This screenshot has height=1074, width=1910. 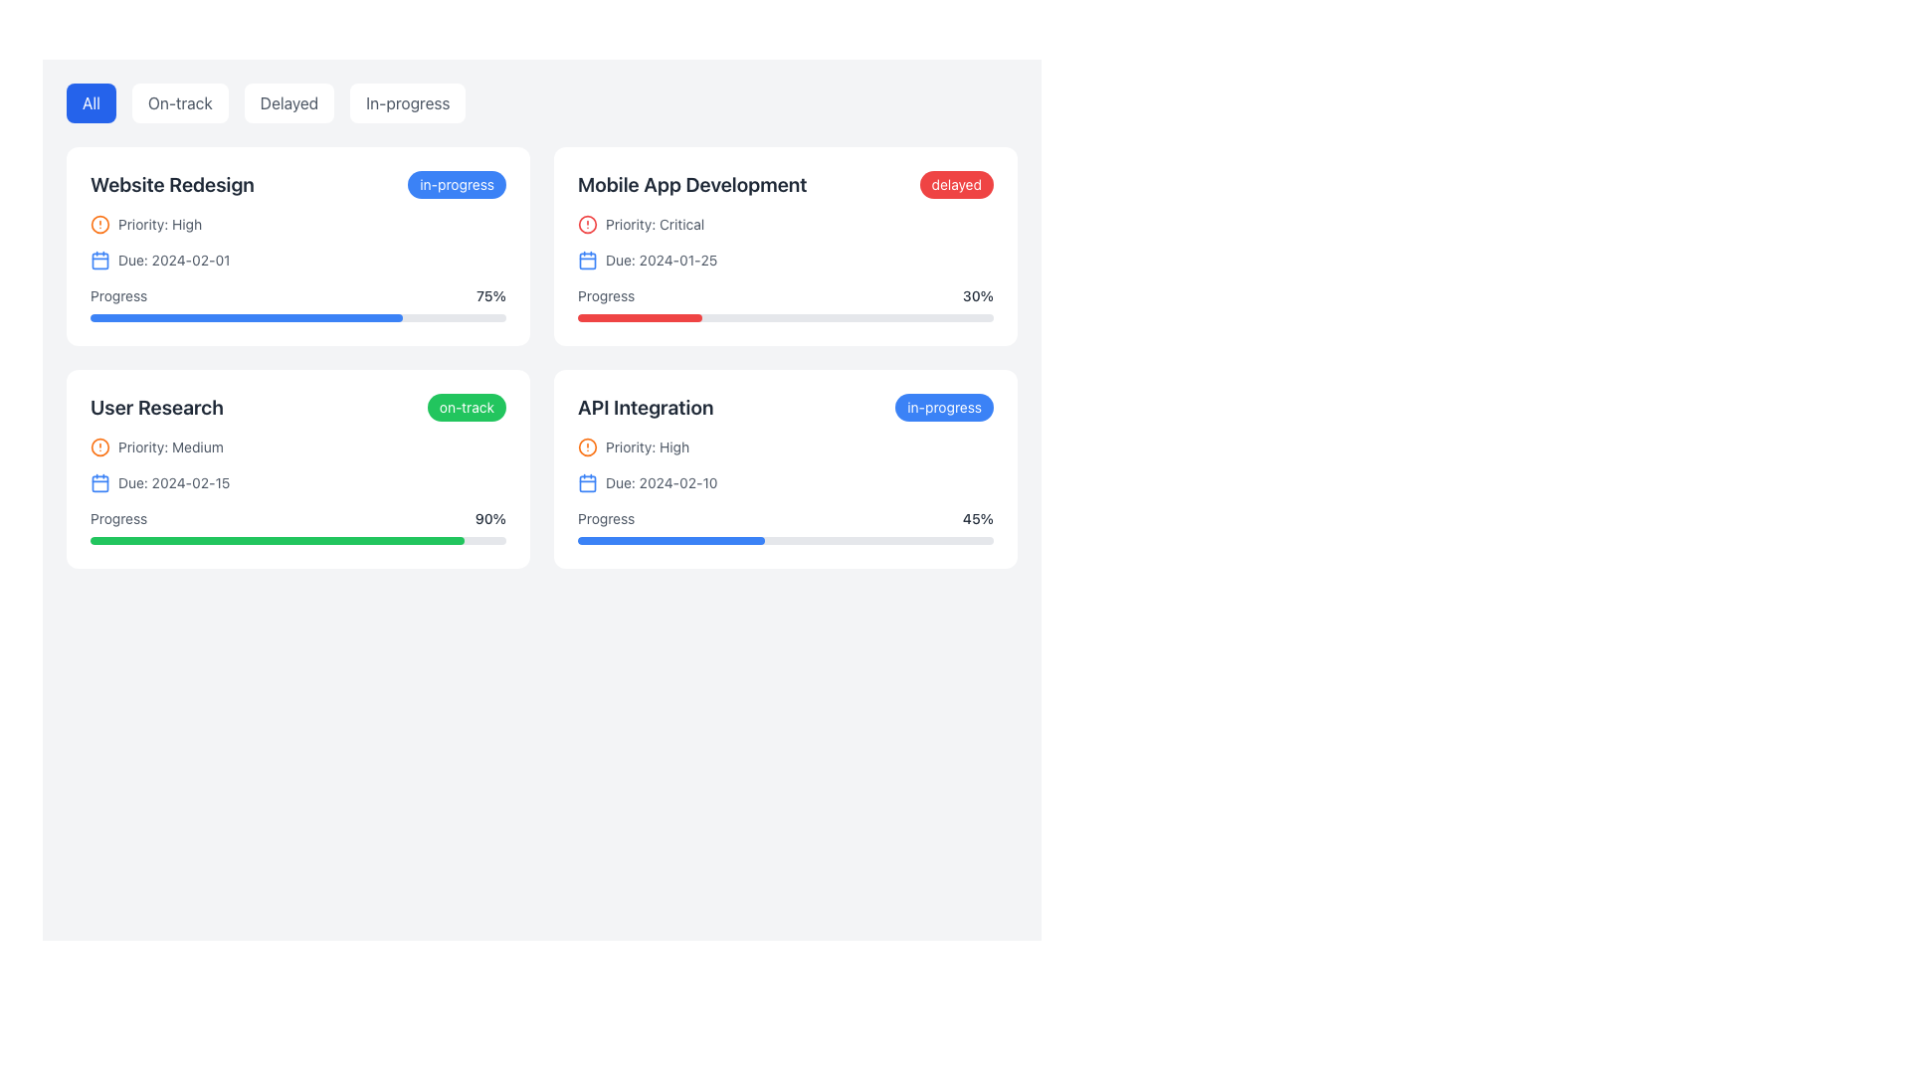 I want to click on the circular boundary of the warning icon located in the bottom-right corner of the 'API Integration' card, so click(x=586, y=447).